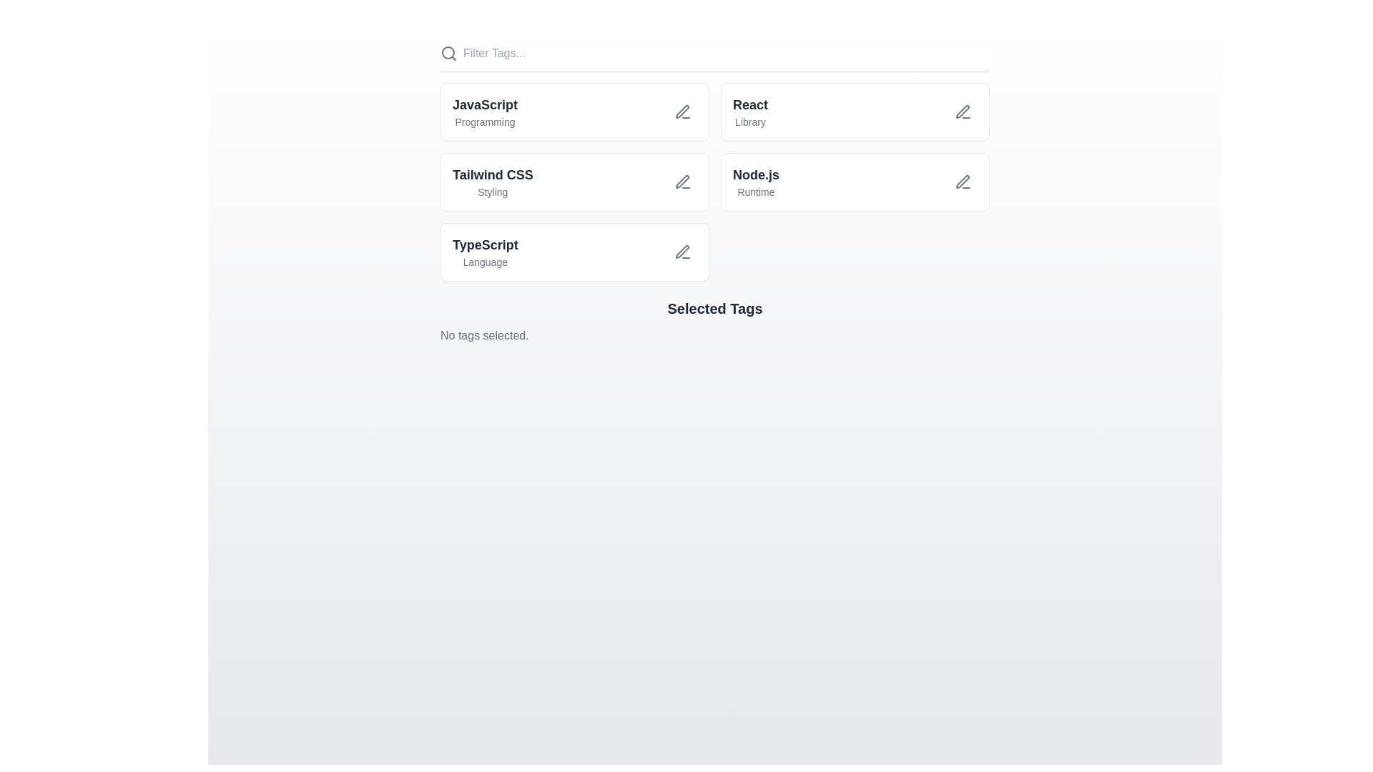 The width and height of the screenshot is (1373, 772). Describe the element at coordinates (493, 181) in the screenshot. I see `the 'Tailwind CSS' tag or category selector, which is the second selectable item in a vertical list located below 'JavaScript Programming' and above 'TypeScript Language'` at that location.